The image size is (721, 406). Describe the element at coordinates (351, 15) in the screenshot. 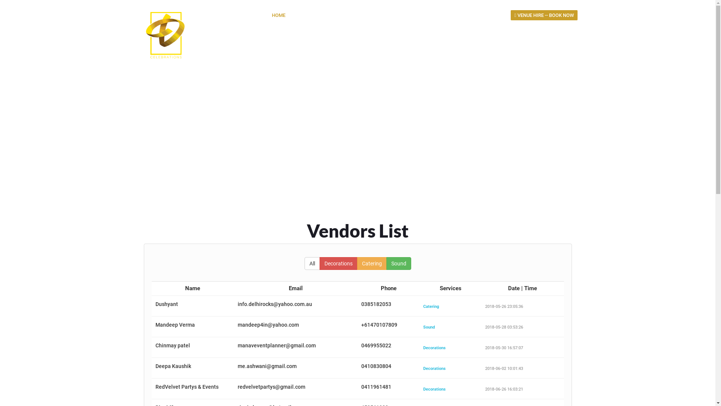

I see `'HOW IT WORKS?'` at that location.